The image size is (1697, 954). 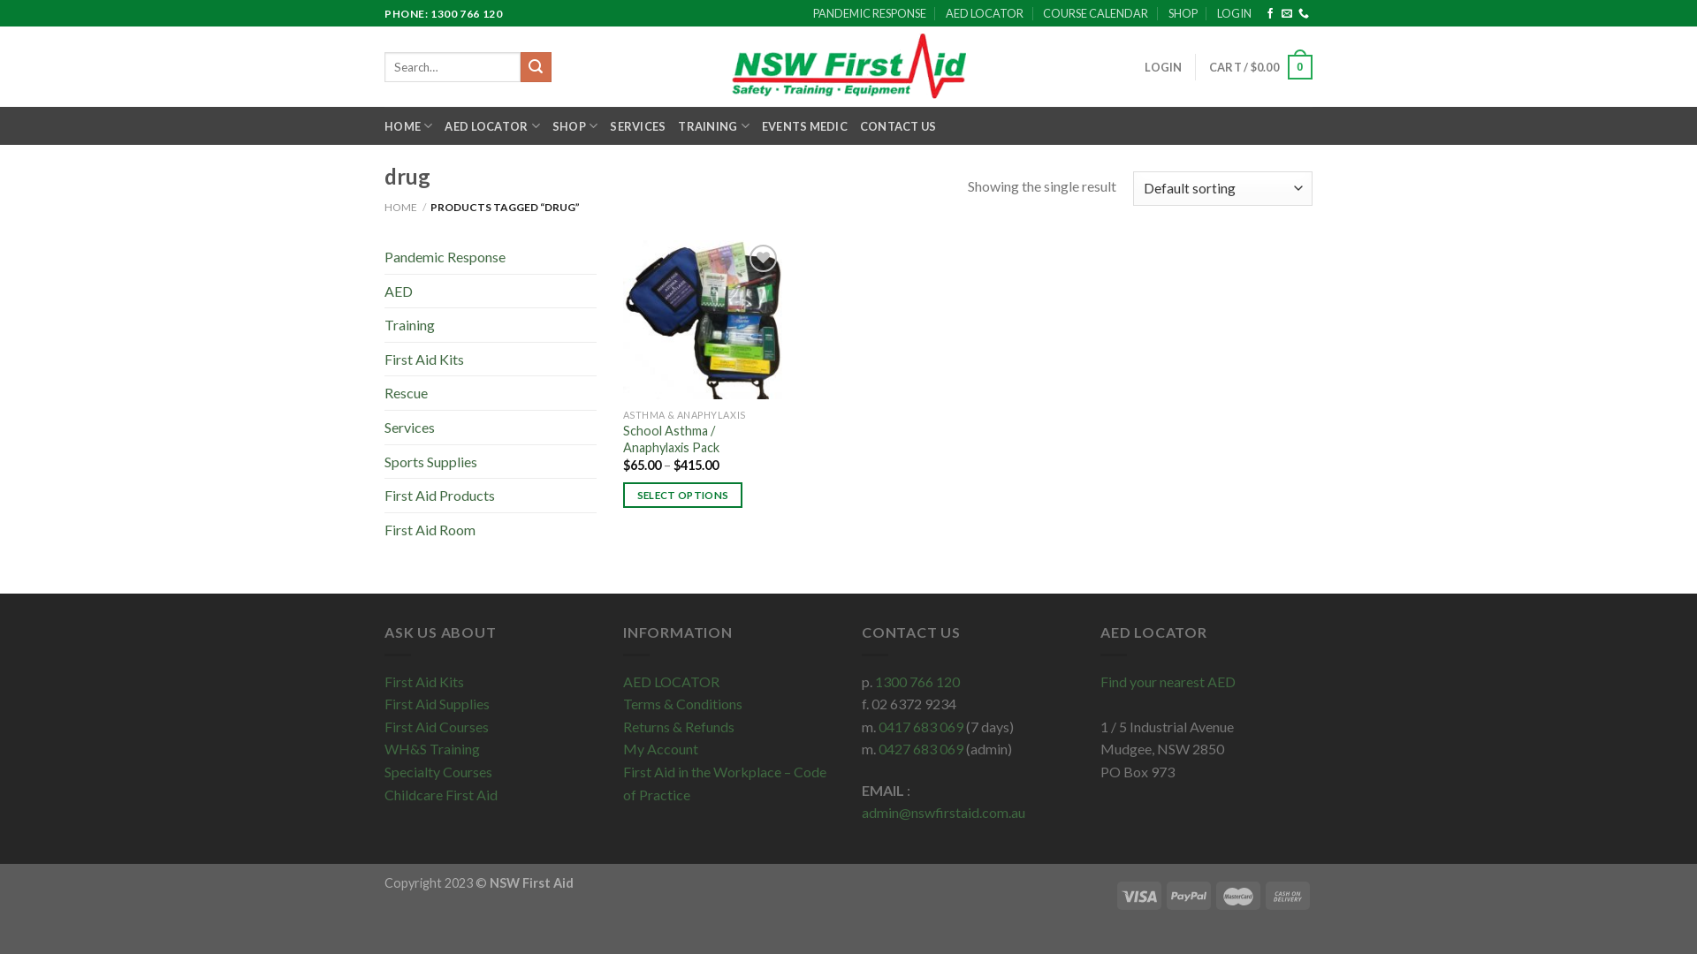 What do you see at coordinates (1099, 680) in the screenshot?
I see `'Find your nearest AED'` at bounding box center [1099, 680].